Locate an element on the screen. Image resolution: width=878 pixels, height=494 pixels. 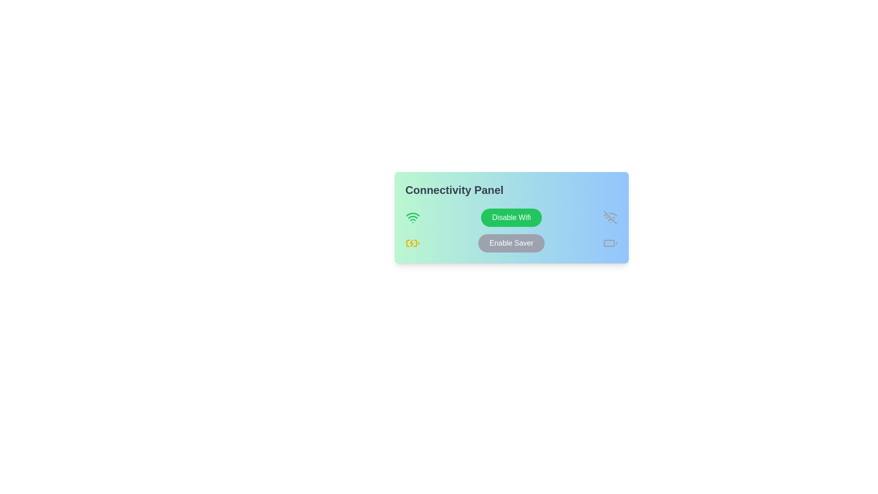
the 'Enable Saver' button, which is the second interactive item in the vertical list below 'Disable Wifi', featuring a gray rounded background and a yellow battery icon is located at coordinates (511, 243).